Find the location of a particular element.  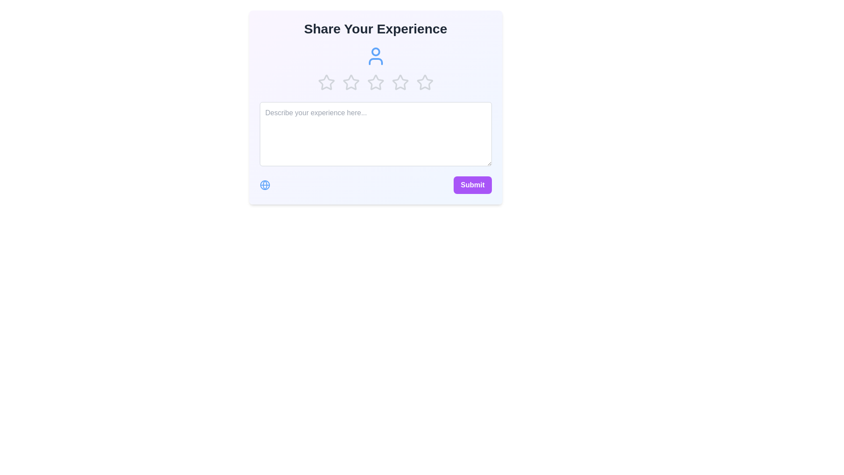

the second star in the star-shaped rating component below the 'Share Your Experience' header is located at coordinates (375, 82).